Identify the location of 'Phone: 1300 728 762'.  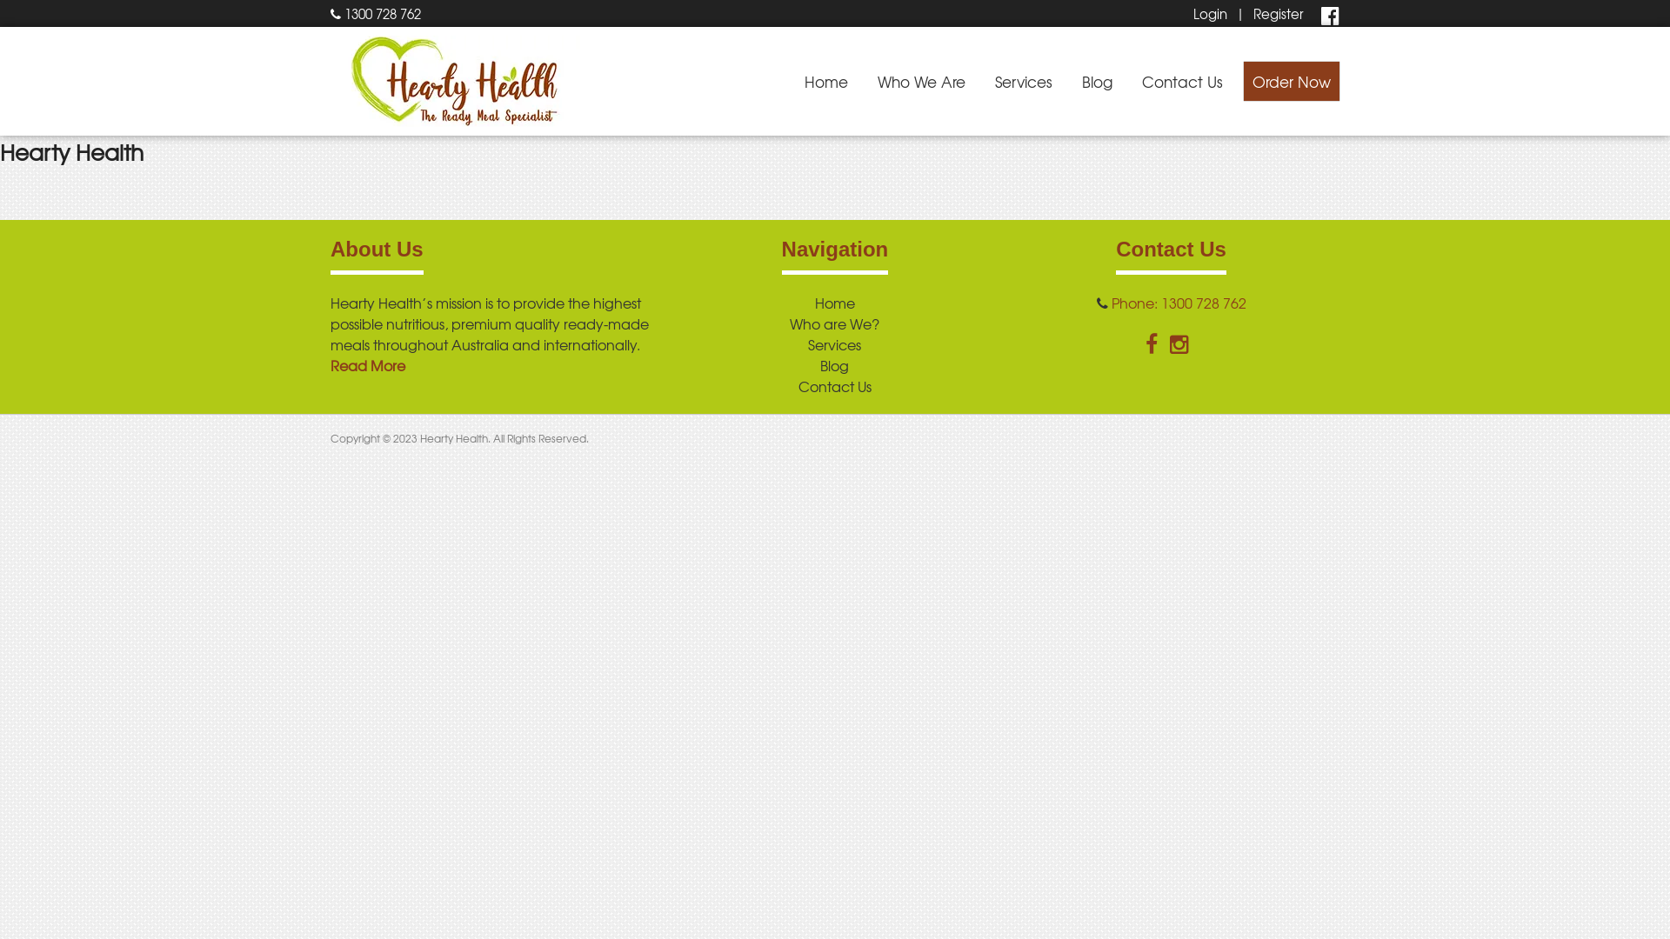
(1179, 301).